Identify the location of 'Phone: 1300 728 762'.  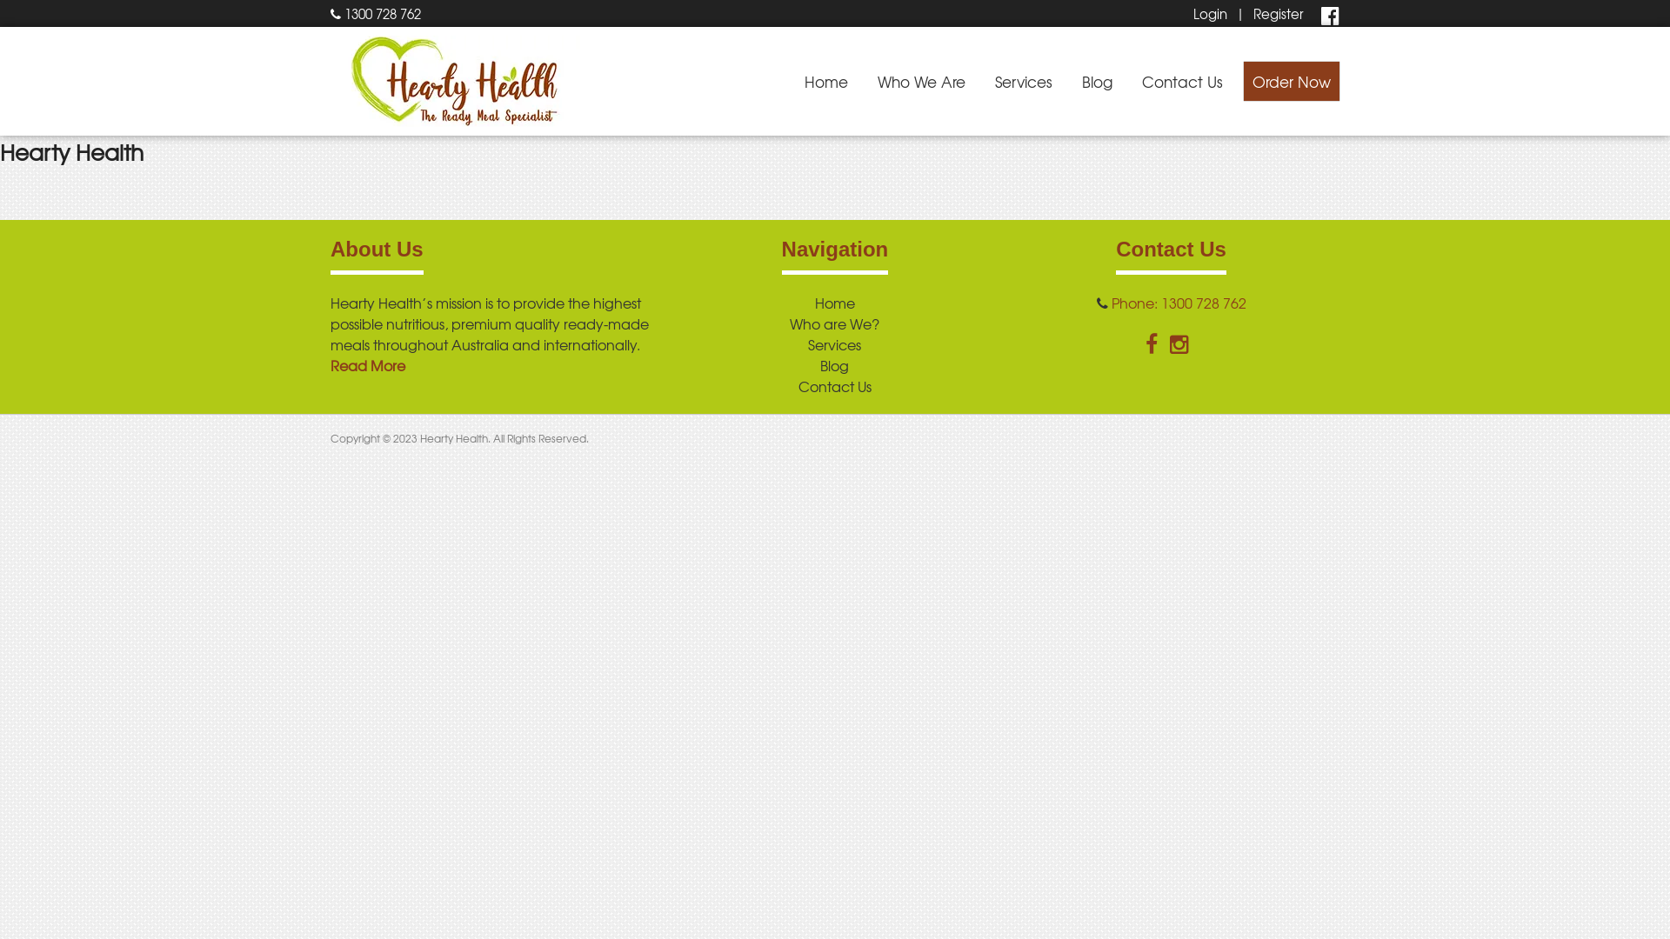
(1179, 301).